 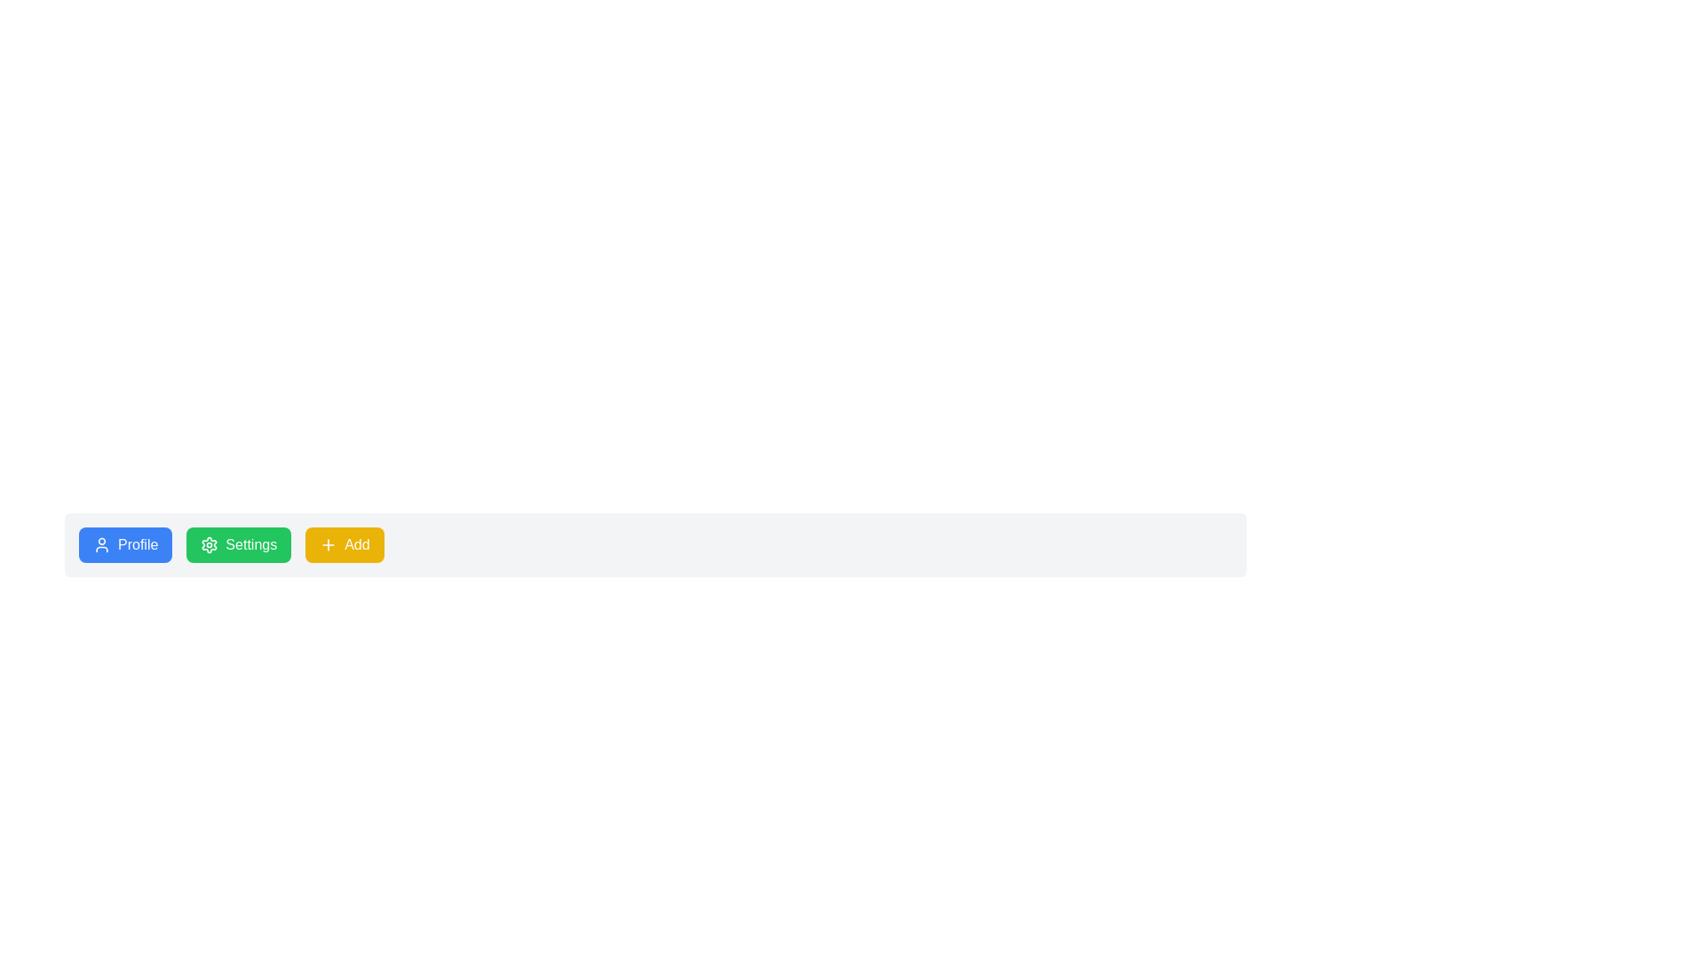 What do you see at coordinates (210, 543) in the screenshot?
I see `gear-shaped icon within the green 'Settings' button to gather details` at bounding box center [210, 543].